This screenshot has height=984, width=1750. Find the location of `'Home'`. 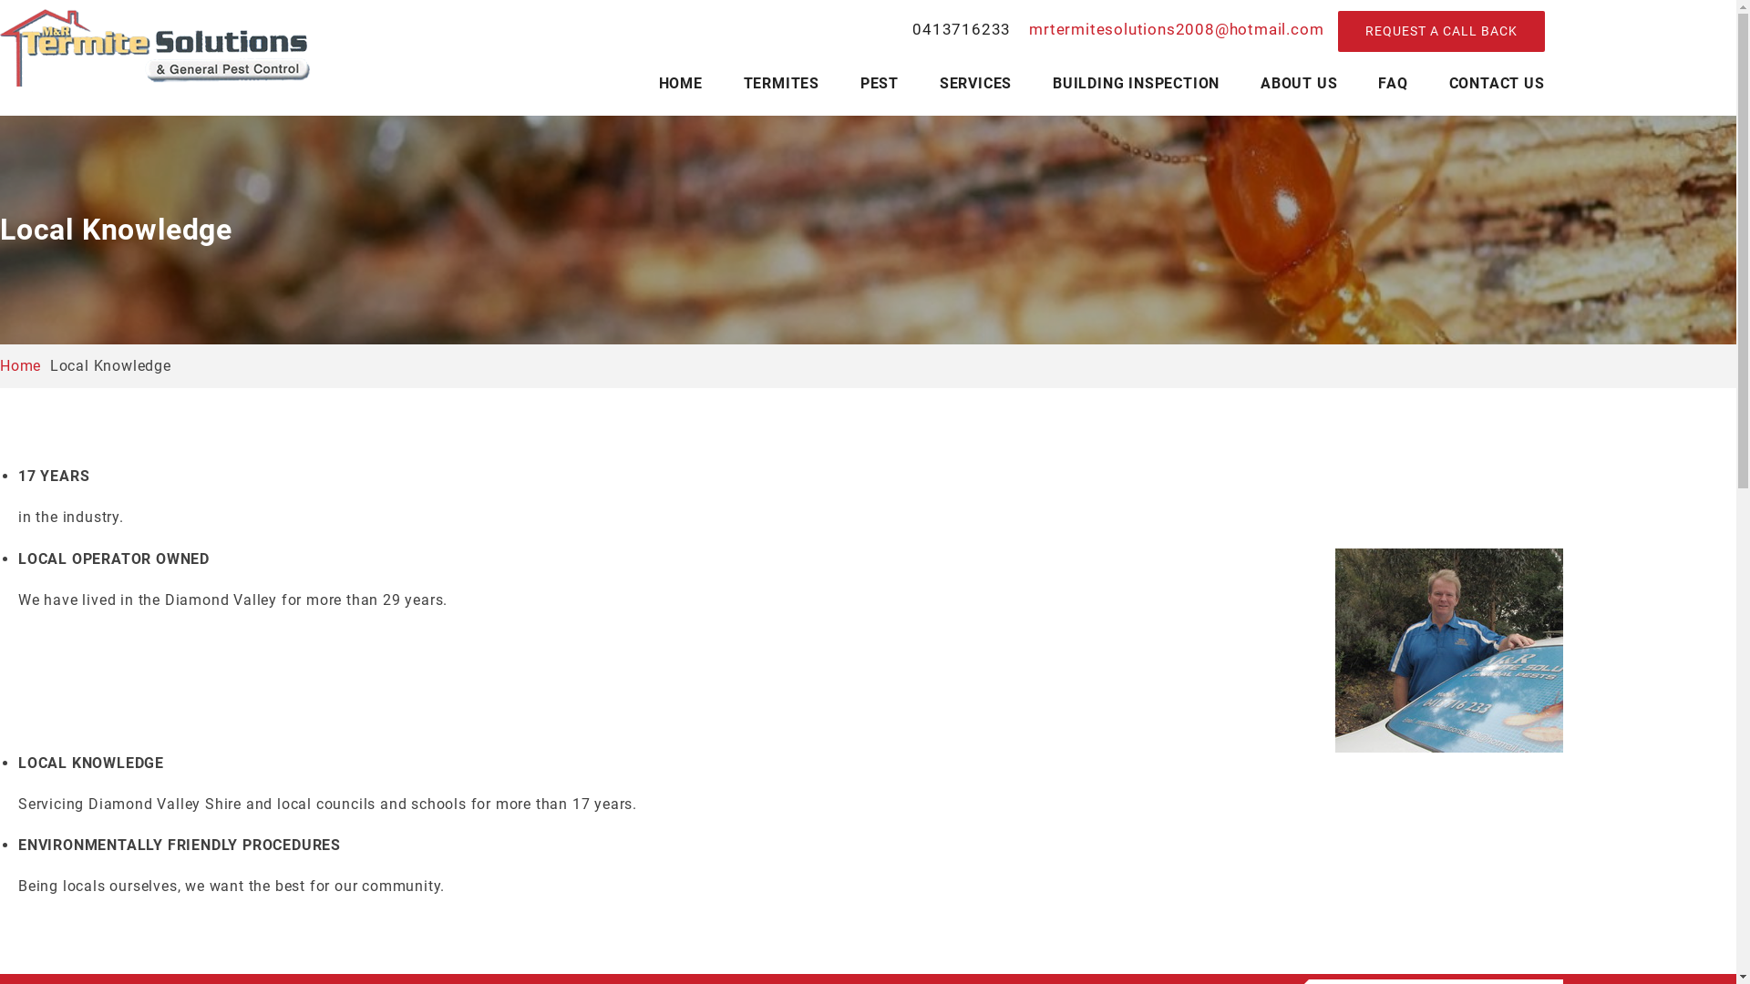

'Home' is located at coordinates (20, 365).